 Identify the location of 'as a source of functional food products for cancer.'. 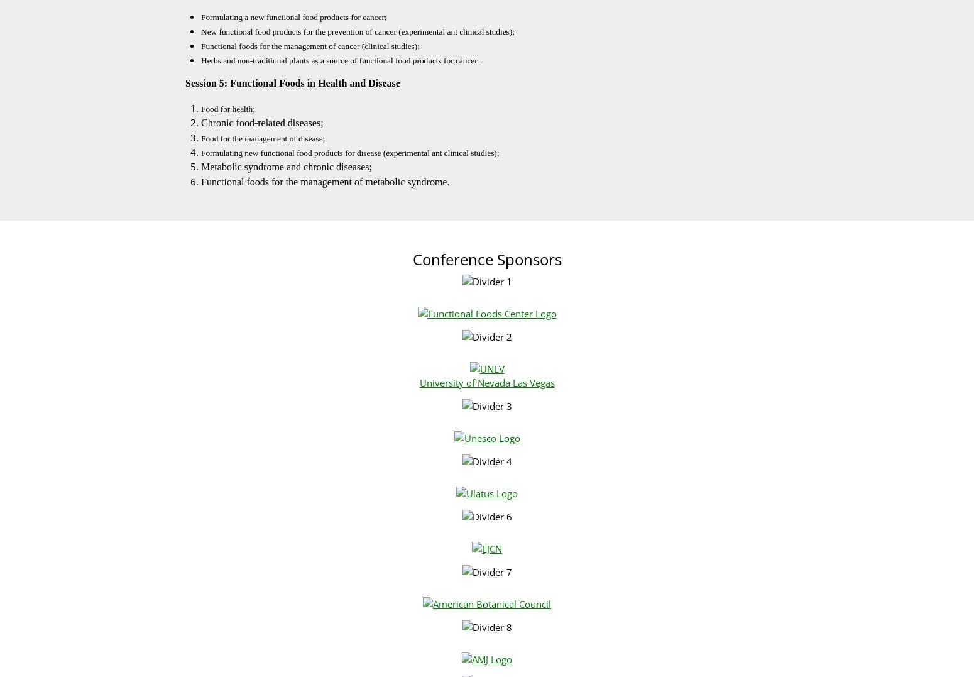
(394, 60).